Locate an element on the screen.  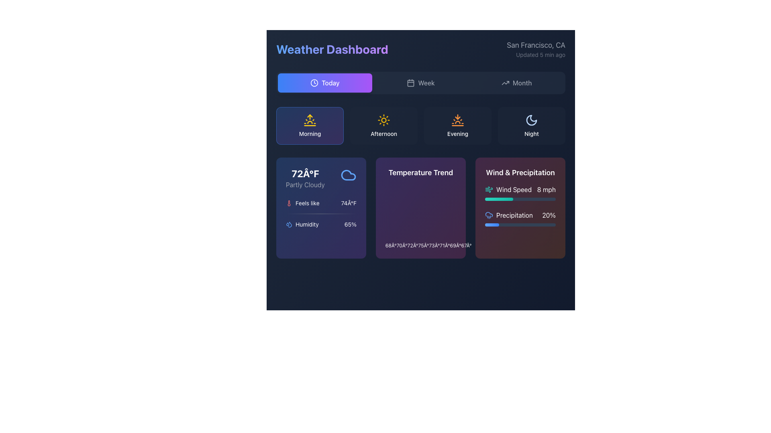
the precipitation icon in the 'Wind & Precipitation' panel located at the bottom-right corner of the dashboard, which is positioned left of the text 'Precipitation' and above the precipitation percentage value and bar is located at coordinates (489, 214).